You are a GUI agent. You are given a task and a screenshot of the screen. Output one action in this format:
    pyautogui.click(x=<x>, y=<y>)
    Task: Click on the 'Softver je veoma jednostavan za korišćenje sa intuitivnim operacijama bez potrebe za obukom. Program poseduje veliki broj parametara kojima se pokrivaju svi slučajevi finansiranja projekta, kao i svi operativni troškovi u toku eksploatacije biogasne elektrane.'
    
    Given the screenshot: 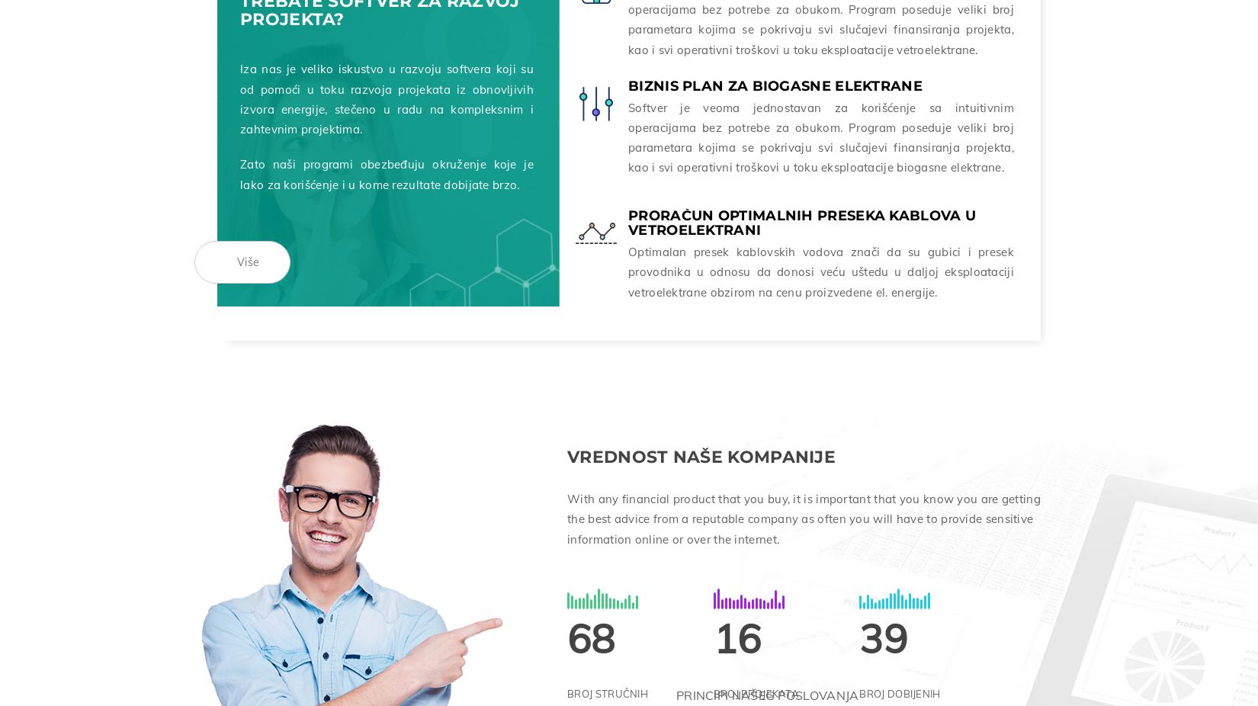 What is the action you would take?
    pyautogui.click(x=820, y=133)
    